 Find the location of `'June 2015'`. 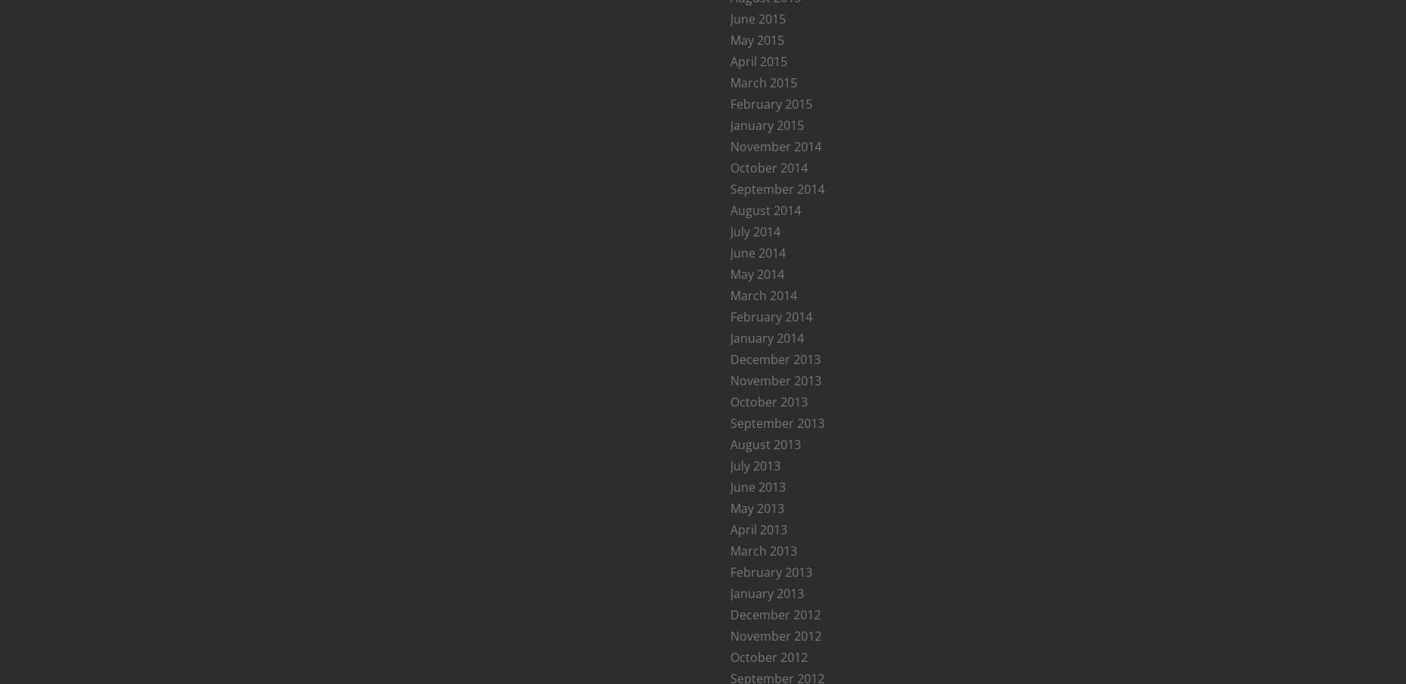

'June 2015' is located at coordinates (757, 17).